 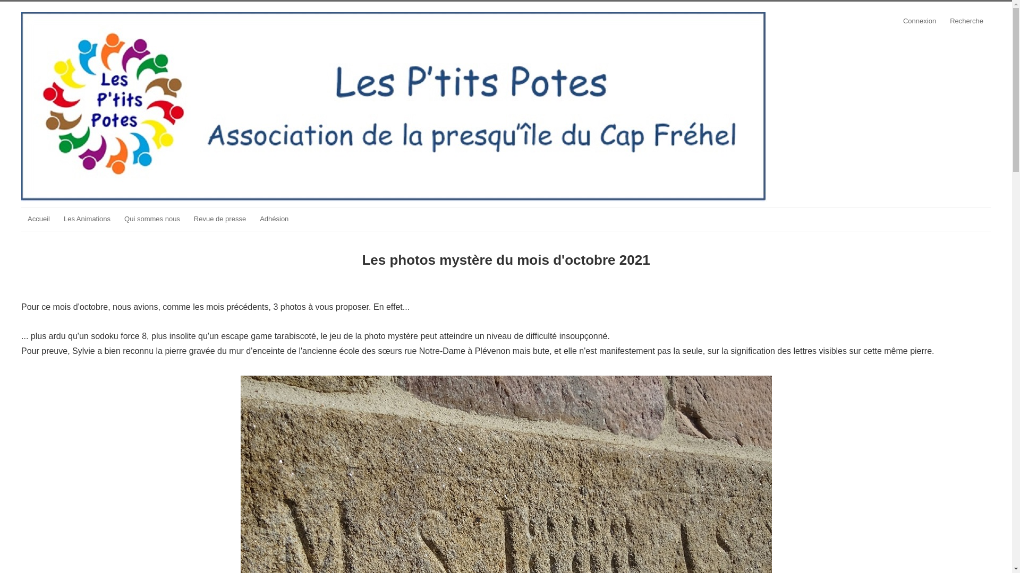 I want to click on 'Connexion', so click(x=919, y=21).